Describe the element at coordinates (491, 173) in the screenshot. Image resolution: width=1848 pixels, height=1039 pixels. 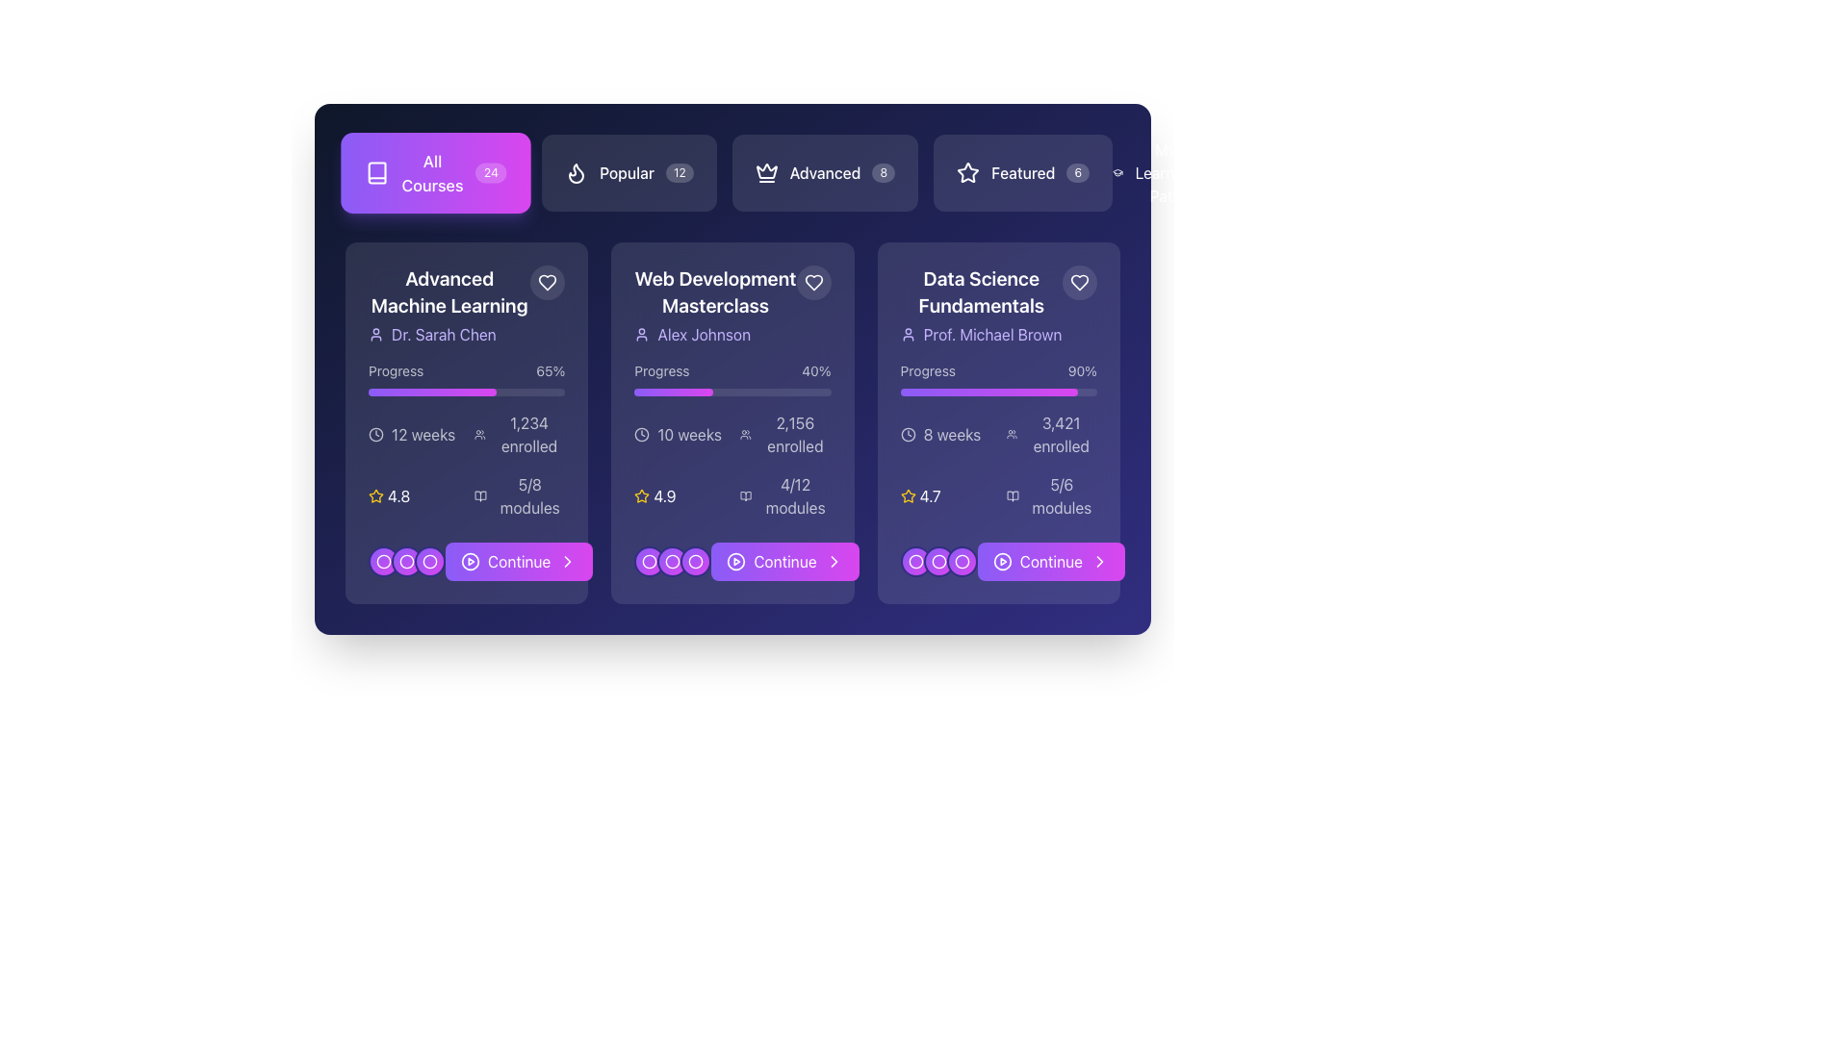
I see `the small pill-shaped badge with a light purple background and the number '24' displayed in white text, located to the right of the 'All Courses' text` at that location.